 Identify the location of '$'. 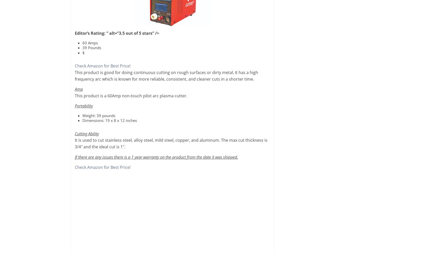
(83, 52).